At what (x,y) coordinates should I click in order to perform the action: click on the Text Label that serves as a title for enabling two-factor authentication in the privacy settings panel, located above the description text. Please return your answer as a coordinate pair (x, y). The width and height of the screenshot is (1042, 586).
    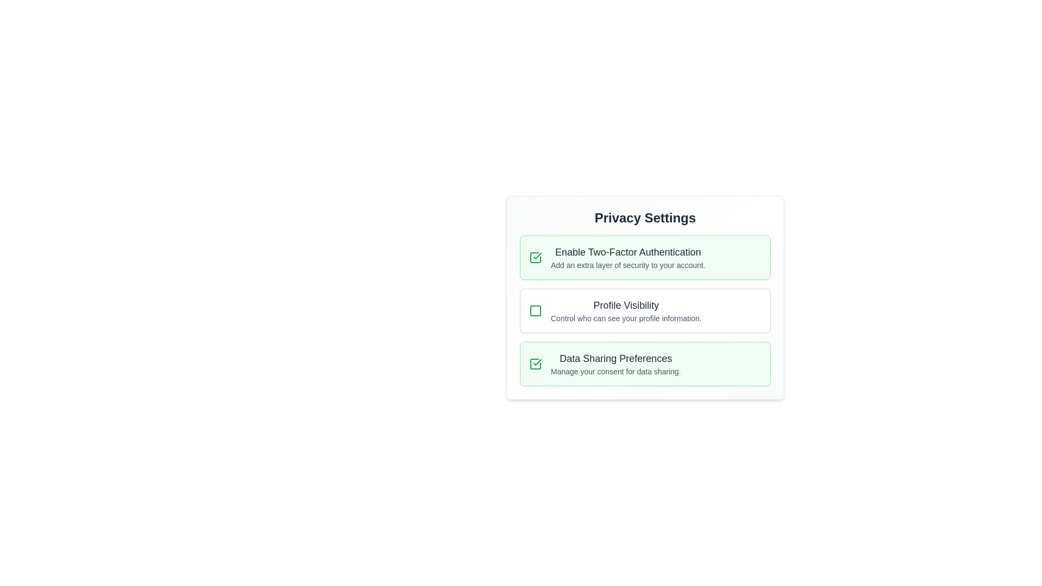
    Looking at the image, I should click on (628, 252).